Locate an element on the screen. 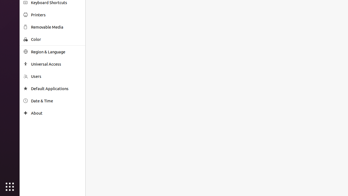 Image resolution: width=348 pixels, height=196 pixels. 'Keyboard Shortcuts' is located at coordinates (56, 2).